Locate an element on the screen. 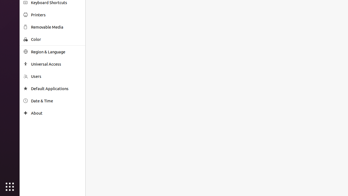 Image resolution: width=348 pixels, height=196 pixels. 'Keyboard Shortcuts' is located at coordinates (56, 2).